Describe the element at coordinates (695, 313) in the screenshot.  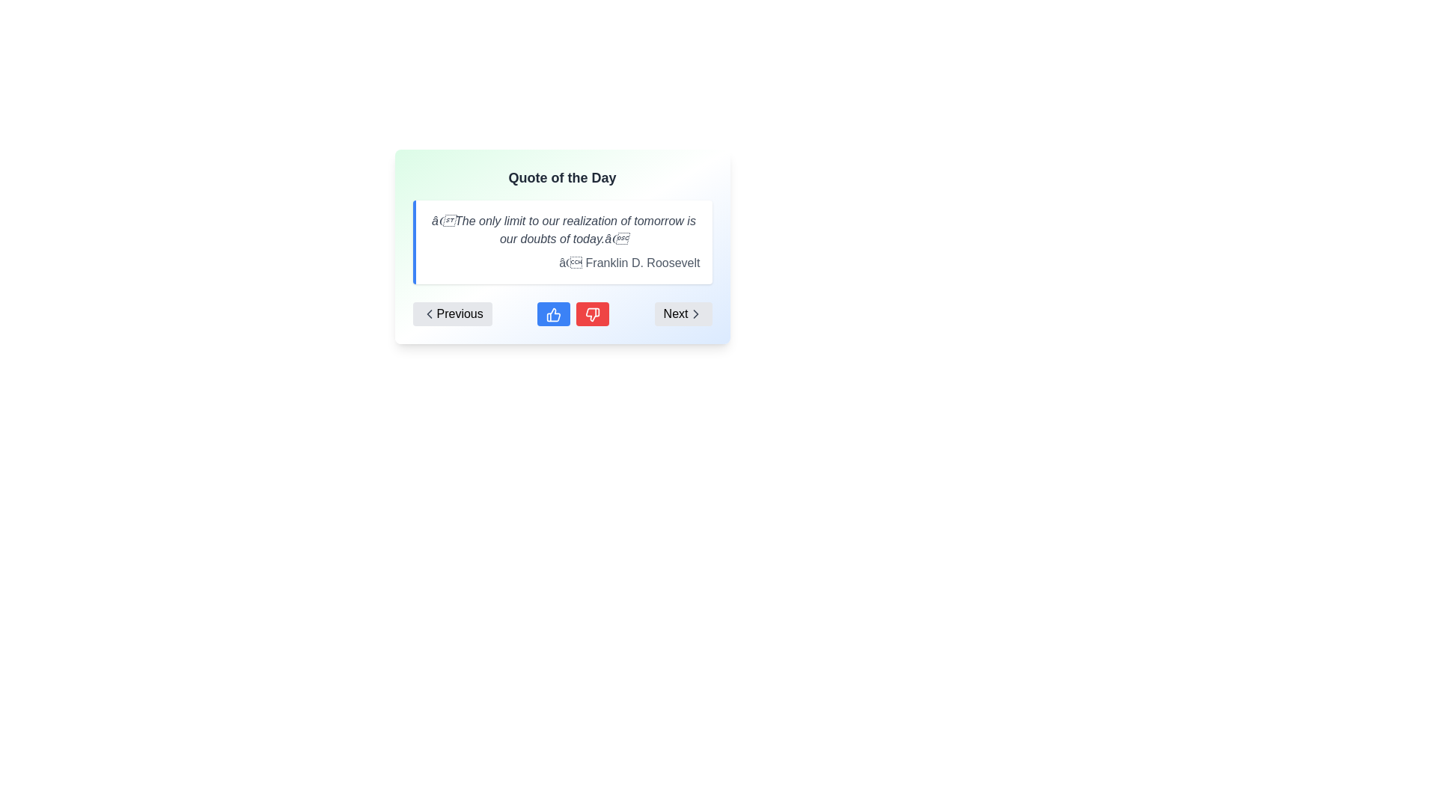
I see `the right arrow icon, which is located to the right of the 'Next' text in the navigation control group at the bottom-right corner of the interface` at that location.